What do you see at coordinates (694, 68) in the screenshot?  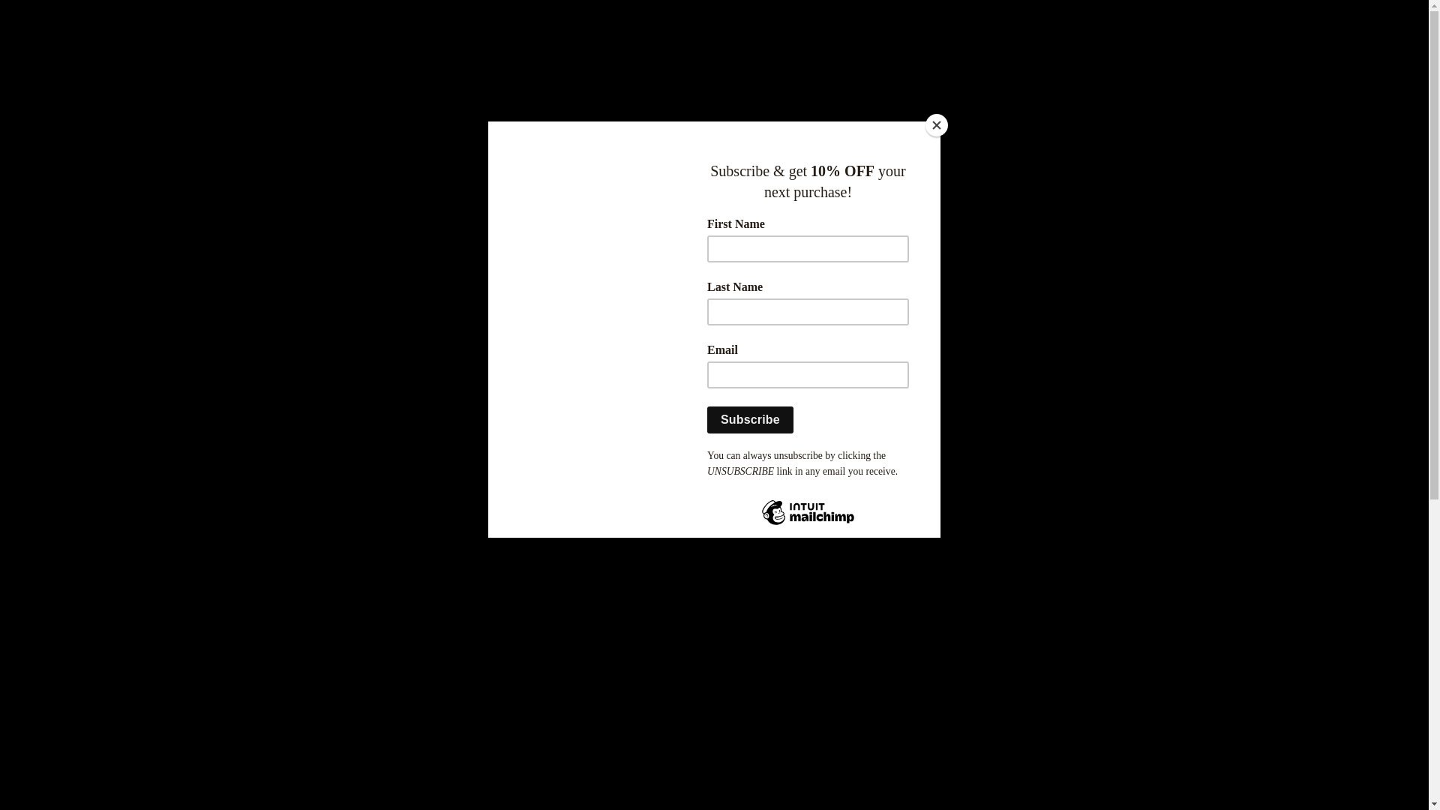 I see `'Login'` at bounding box center [694, 68].